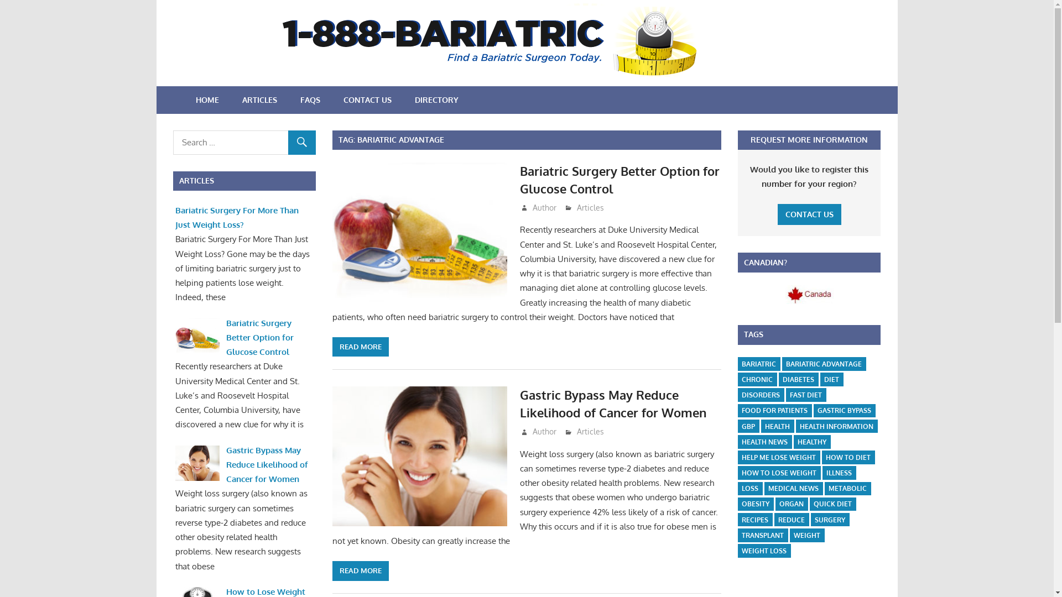 This screenshot has height=597, width=1062. I want to click on 'MEDICAL NEWS', so click(793, 488).